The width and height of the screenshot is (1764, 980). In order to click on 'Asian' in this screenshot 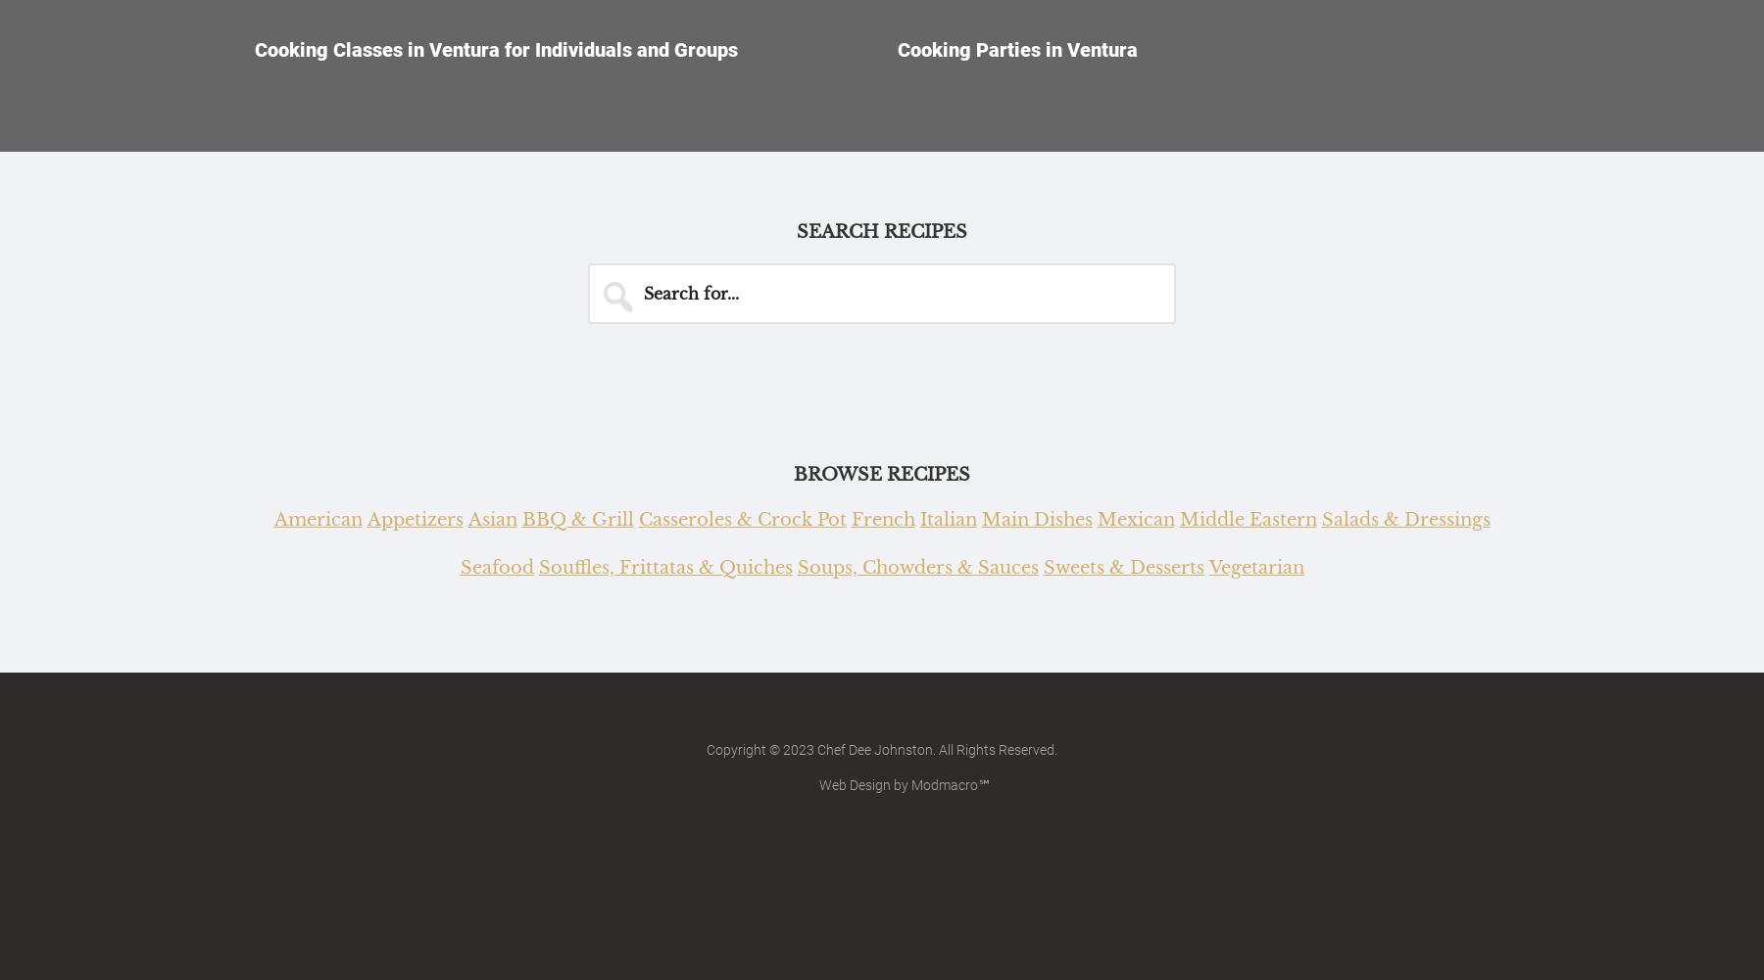, I will do `click(491, 518)`.